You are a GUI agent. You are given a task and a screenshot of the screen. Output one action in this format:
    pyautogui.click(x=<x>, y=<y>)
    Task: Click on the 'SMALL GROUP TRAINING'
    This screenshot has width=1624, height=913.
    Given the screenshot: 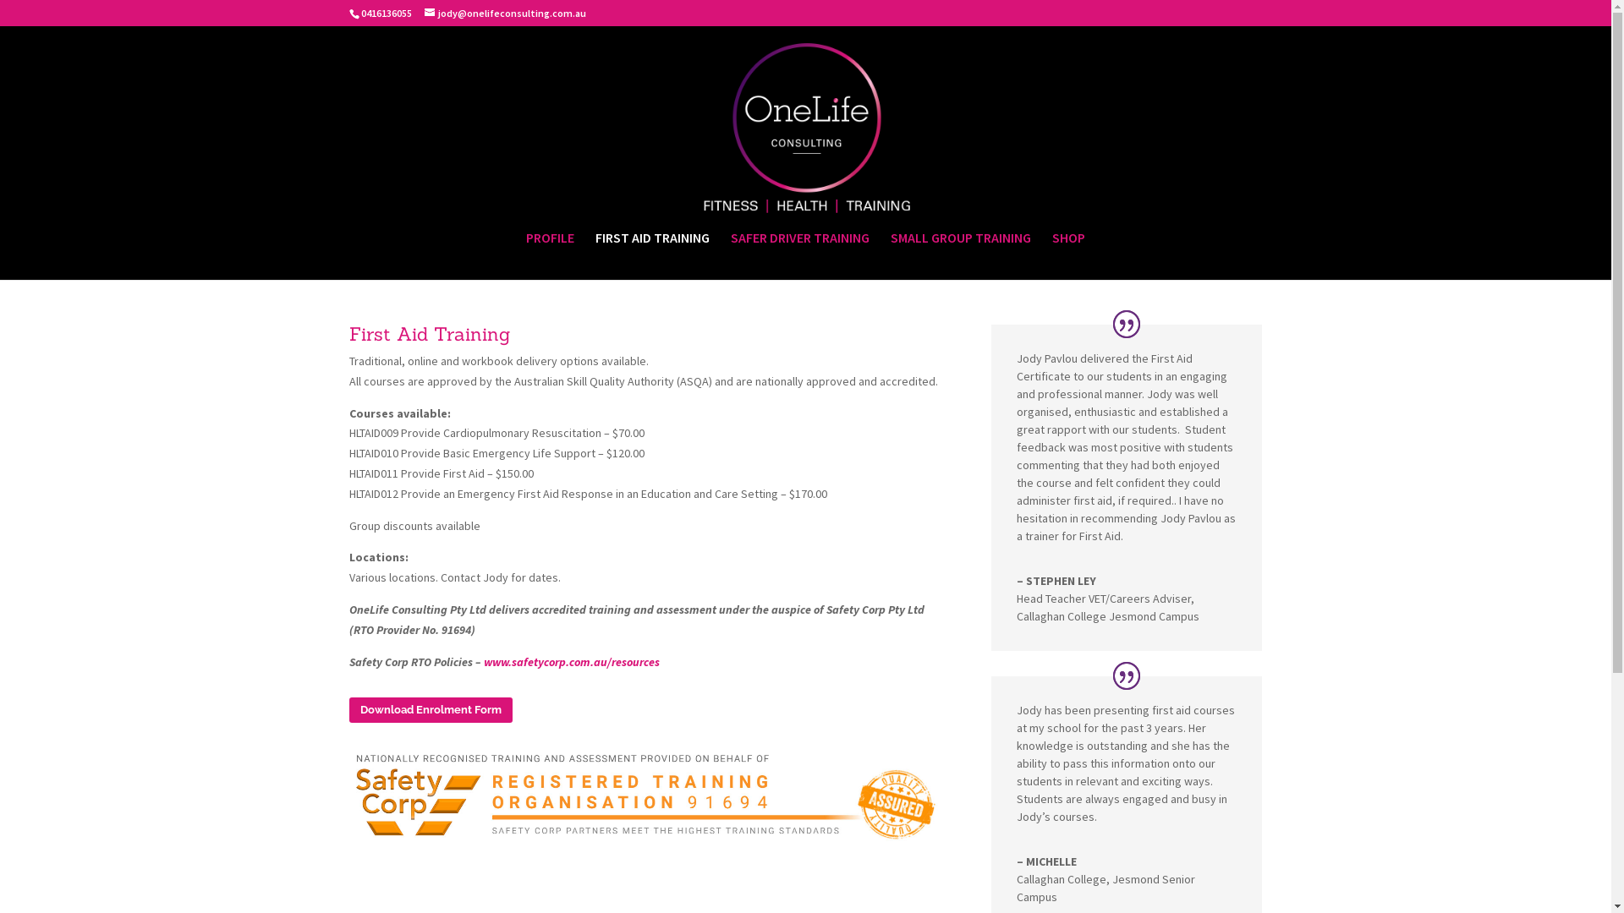 What is the action you would take?
    pyautogui.click(x=961, y=255)
    